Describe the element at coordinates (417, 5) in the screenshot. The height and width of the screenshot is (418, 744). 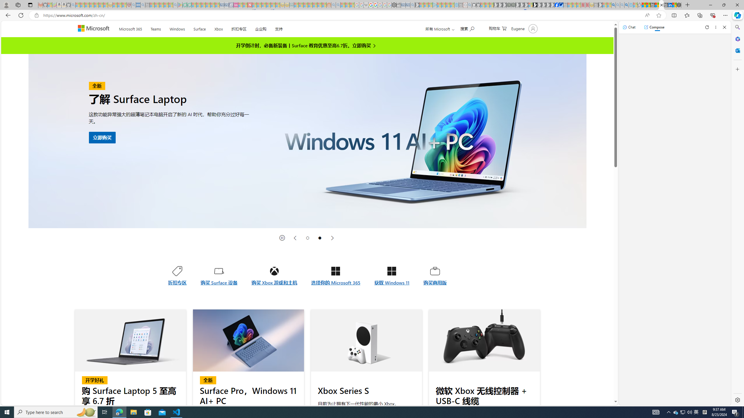
I see `'Microsoft Start Gaming - Sleeping'` at that location.